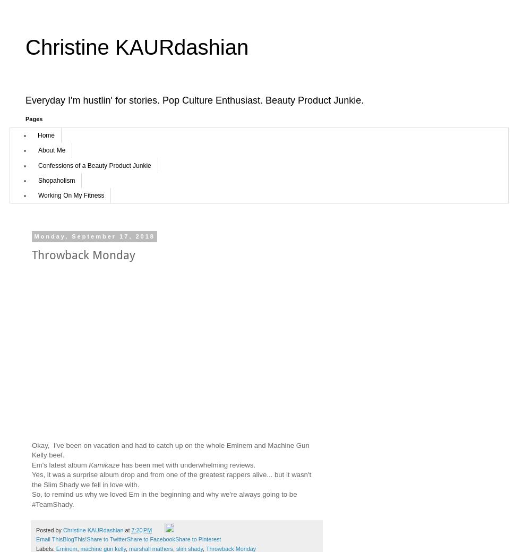  I want to click on 'So, to remind us why we loved Em in the beginning and why we're always going to be #TeamShady.', so click(31, 499).